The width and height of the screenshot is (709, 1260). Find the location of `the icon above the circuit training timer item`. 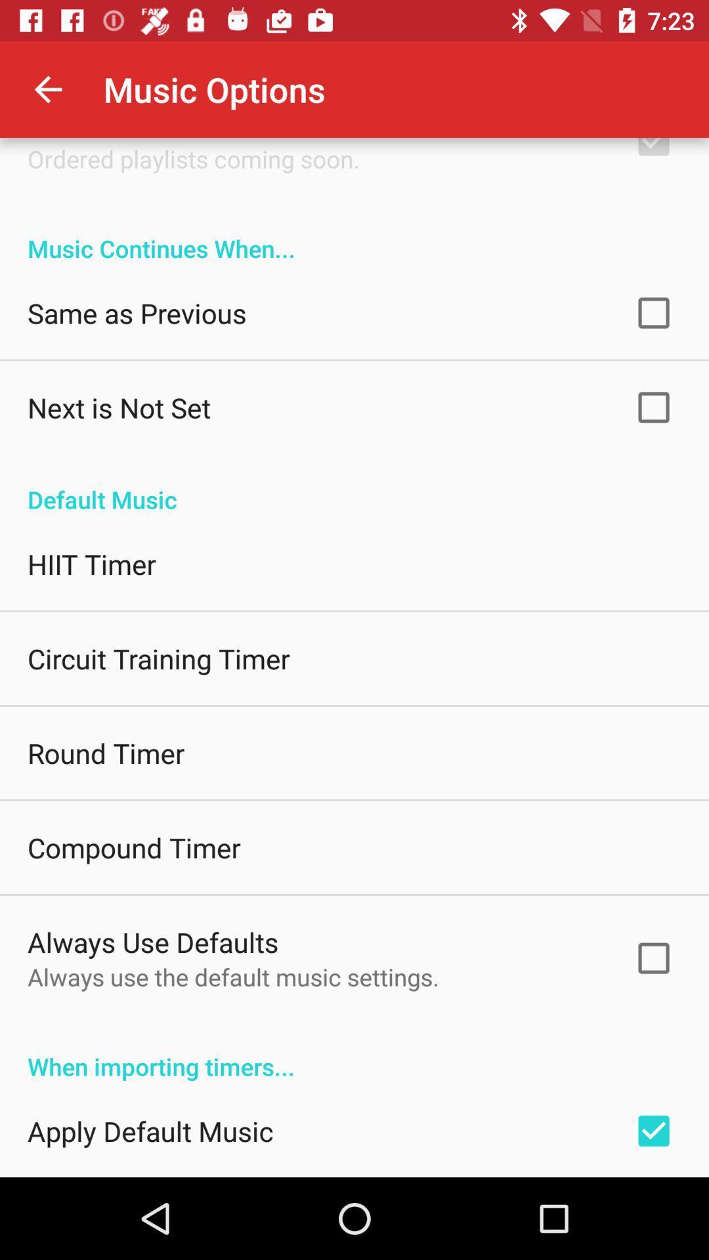

the icon above the circuit training timer item is located at coordinates (91, 564).